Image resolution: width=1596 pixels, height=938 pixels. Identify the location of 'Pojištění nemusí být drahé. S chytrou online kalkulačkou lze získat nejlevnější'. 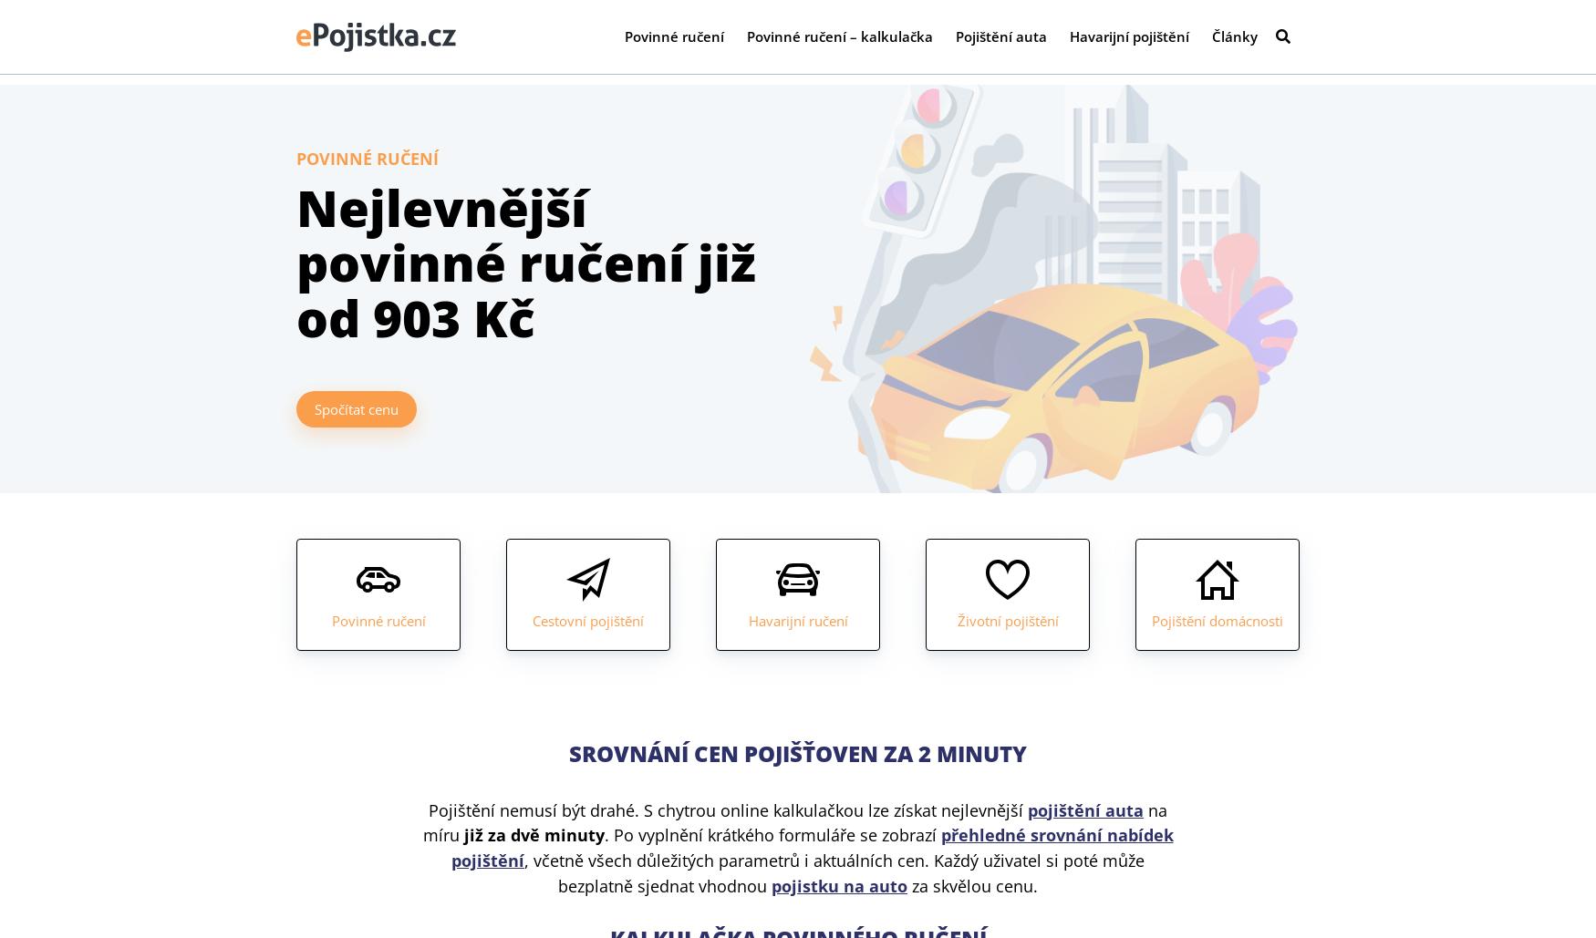
(727, 809).